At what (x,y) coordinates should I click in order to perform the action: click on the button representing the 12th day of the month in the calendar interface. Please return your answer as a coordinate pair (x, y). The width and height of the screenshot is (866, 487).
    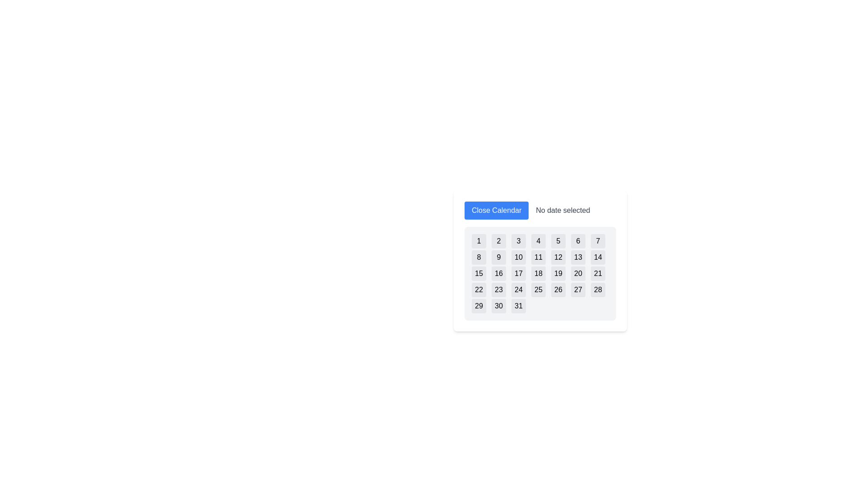
    Looking at the image, I should click on (558, 257).